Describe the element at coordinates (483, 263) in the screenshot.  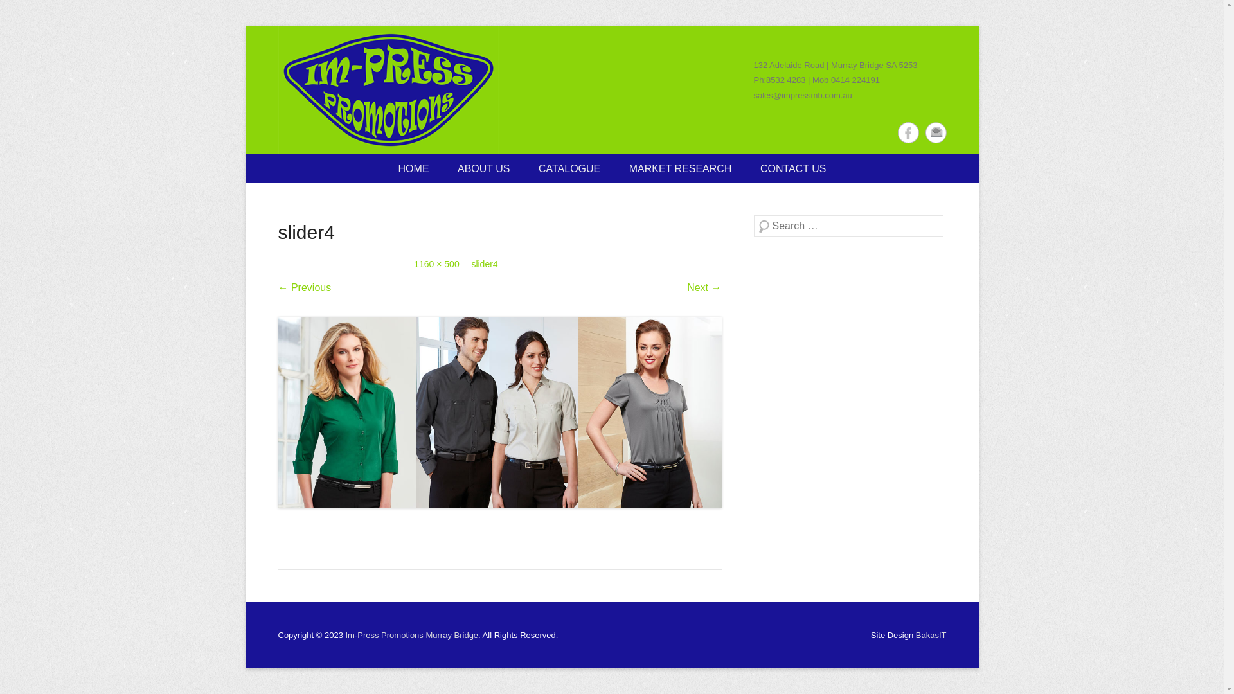
I see `'slider4'` at that location.